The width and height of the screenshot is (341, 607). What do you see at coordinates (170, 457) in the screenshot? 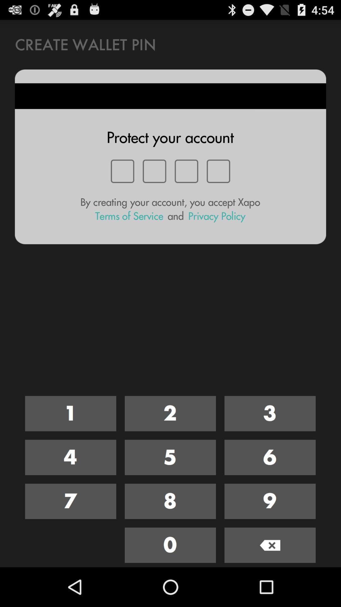
I see `type 5` at bounding box center [170, 457].